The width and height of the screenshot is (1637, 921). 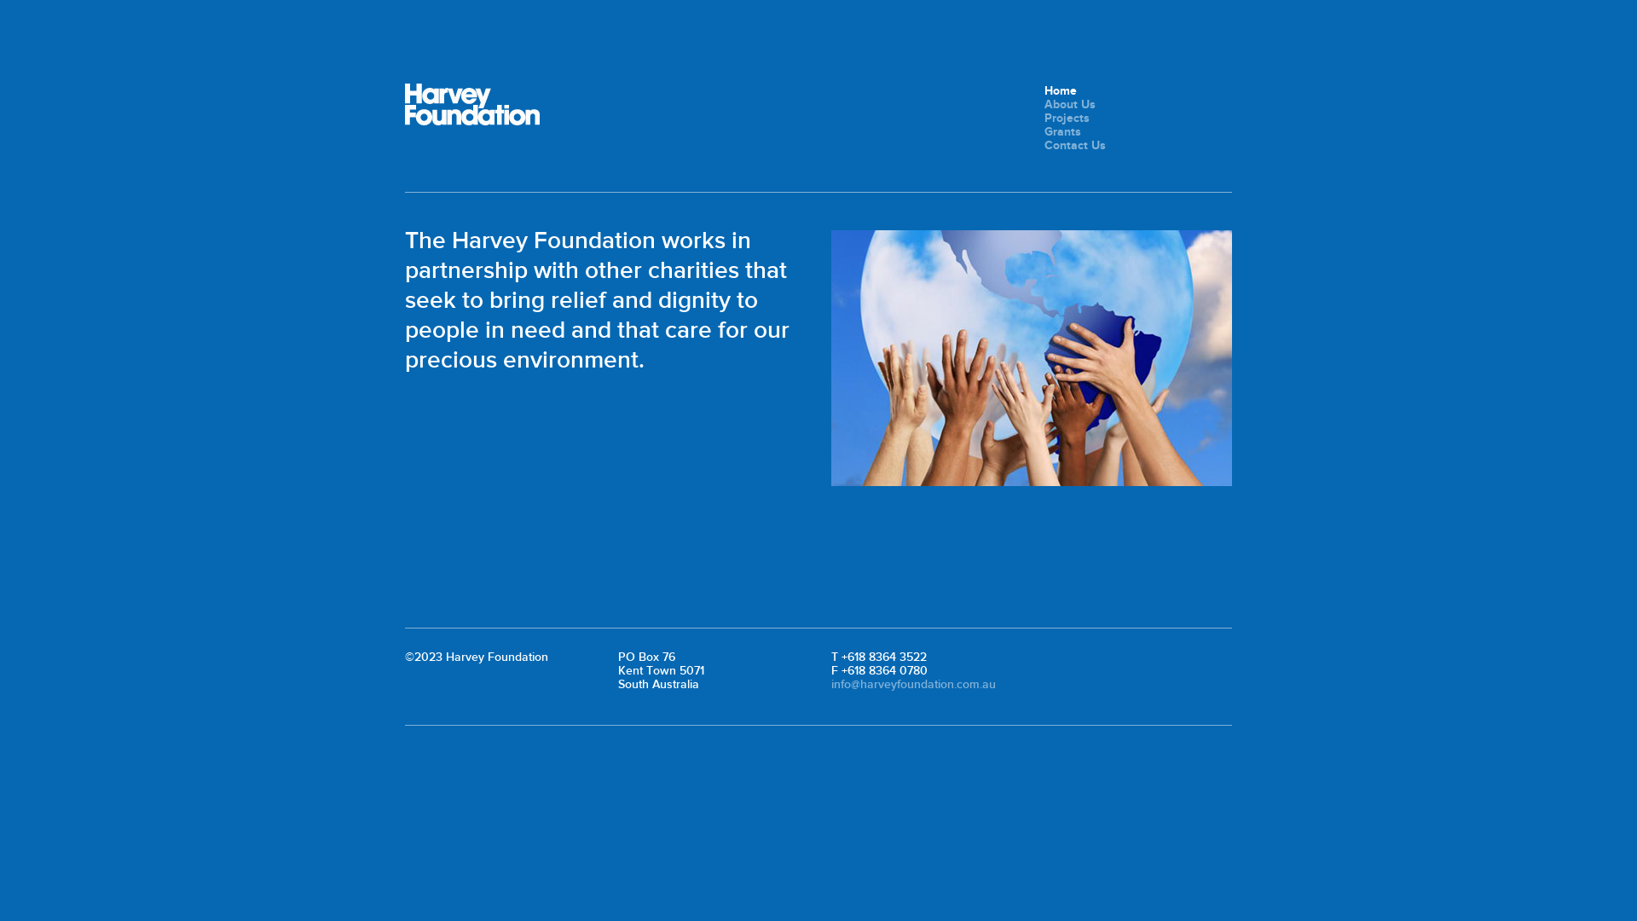 What do you see at coordinates (1043, 117) in the screenshot?
I see `'Projects'` at bounding box center [1043, 117].